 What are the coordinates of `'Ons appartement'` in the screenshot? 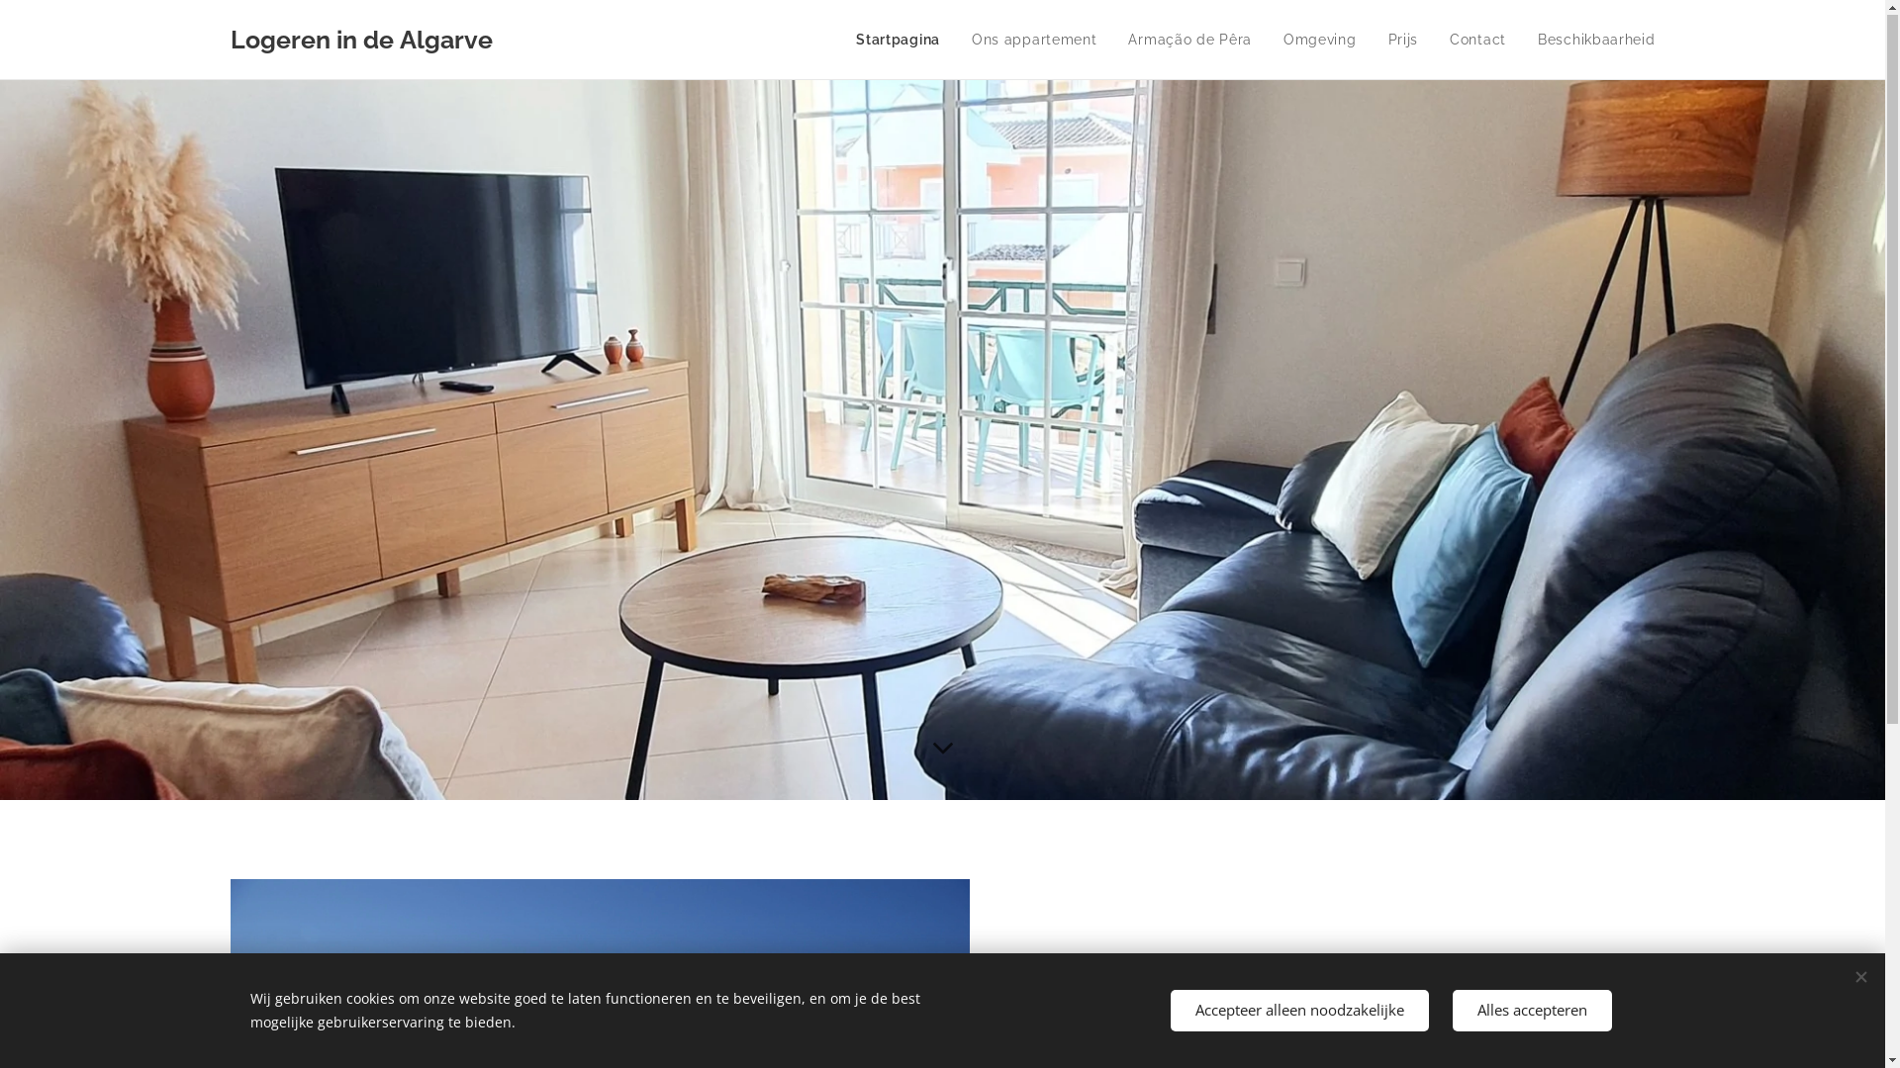 It's located at (1033, 41).